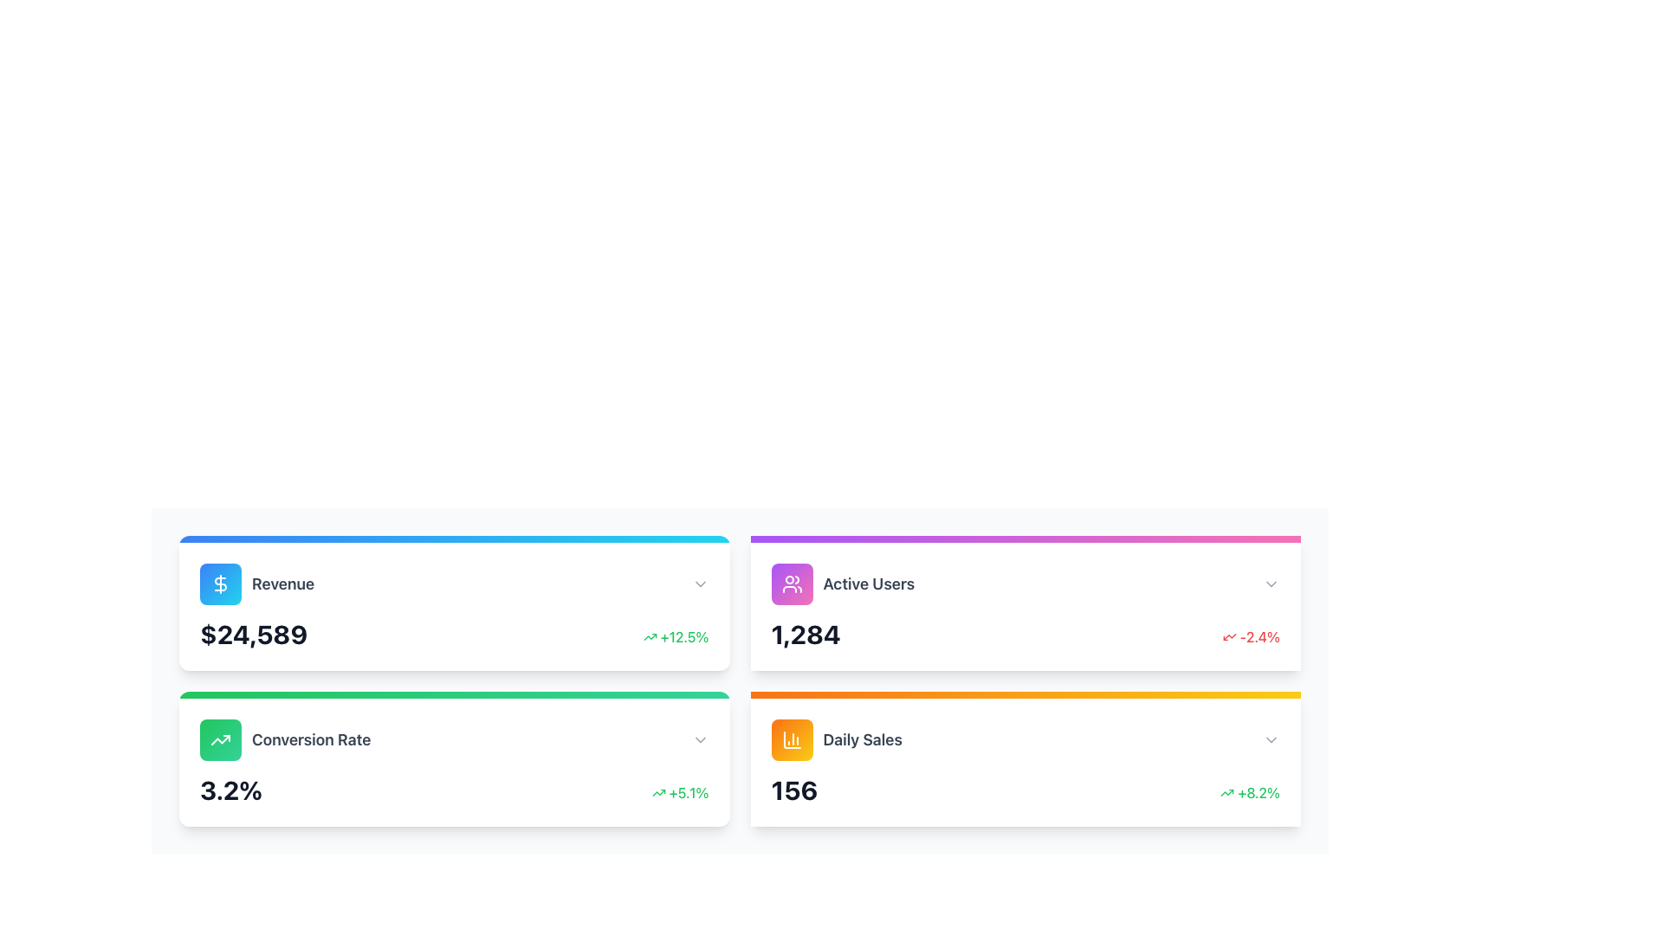 This screenshot has width=1663, height=935. What do you see at coordinates (454, 538) in the screenshot?
I see `the Accent bar located at the top of the 'Revenue' card, which enhances the visual appeal and indicates a theme or category with its color gradient` at bounding box center [454, 538].